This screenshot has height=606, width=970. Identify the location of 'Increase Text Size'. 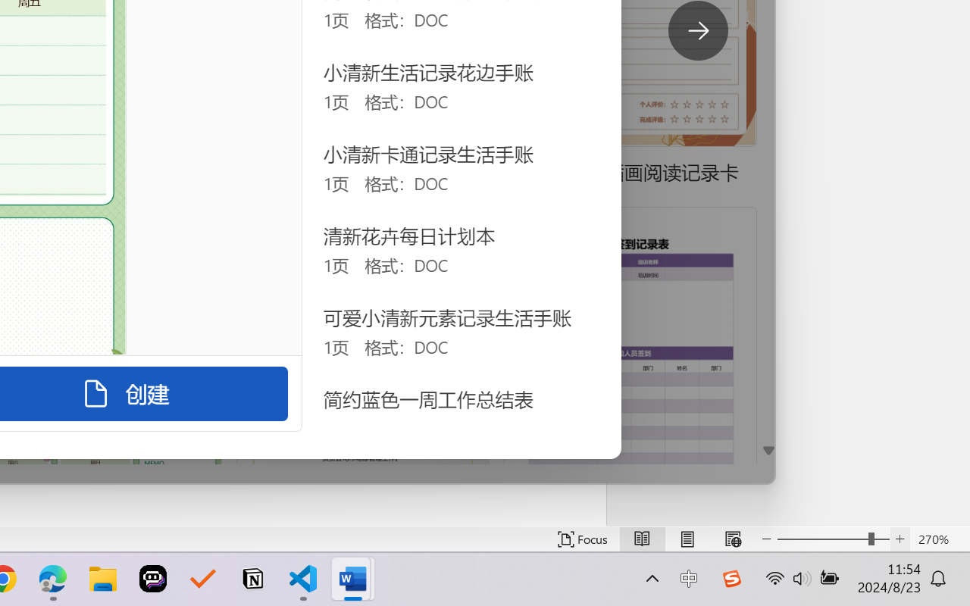
(900, 539).